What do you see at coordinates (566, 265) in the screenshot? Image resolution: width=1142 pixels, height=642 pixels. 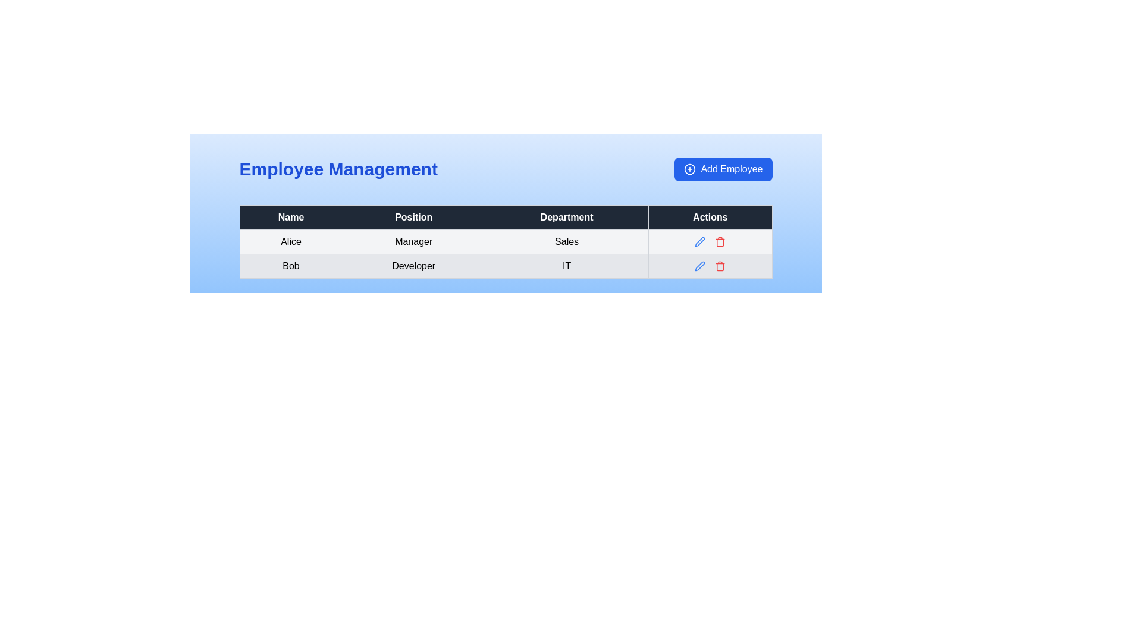 I see `the text label displaying 'IT' which is located in the third cell of the row marked 'Bob' in the 'Name' column, positioned between the 'Position' cell showing 'Developer' and the 'Actions' cell` at bounding box center [566, 265].